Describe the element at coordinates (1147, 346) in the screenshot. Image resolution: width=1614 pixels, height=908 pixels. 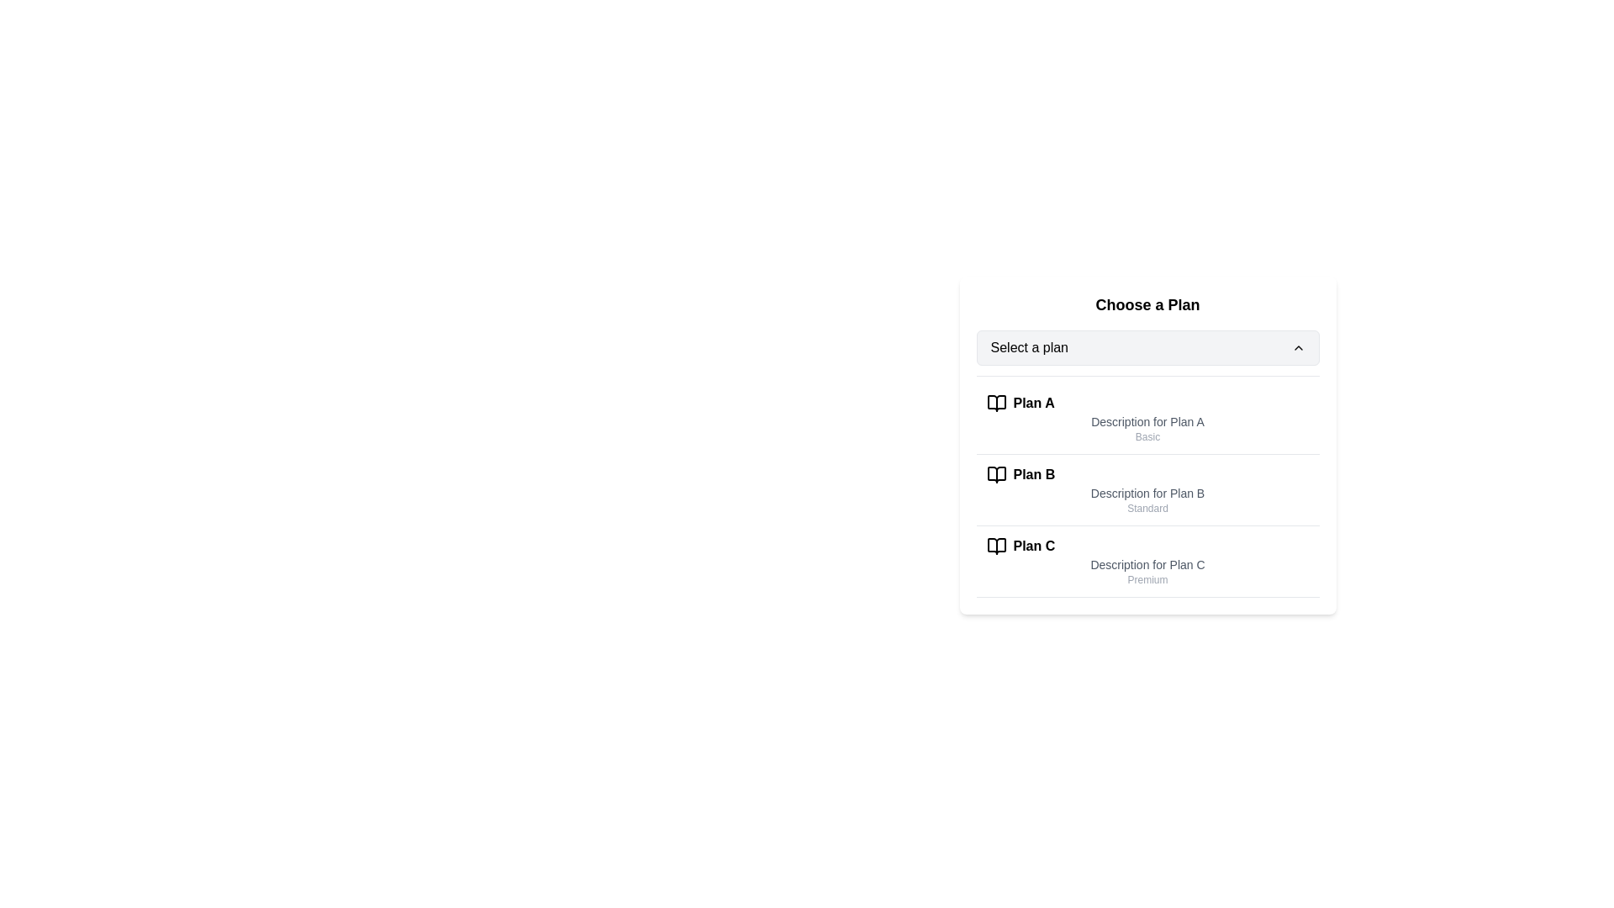
I see `the 'Select a plan' dropdown menu` at that location.